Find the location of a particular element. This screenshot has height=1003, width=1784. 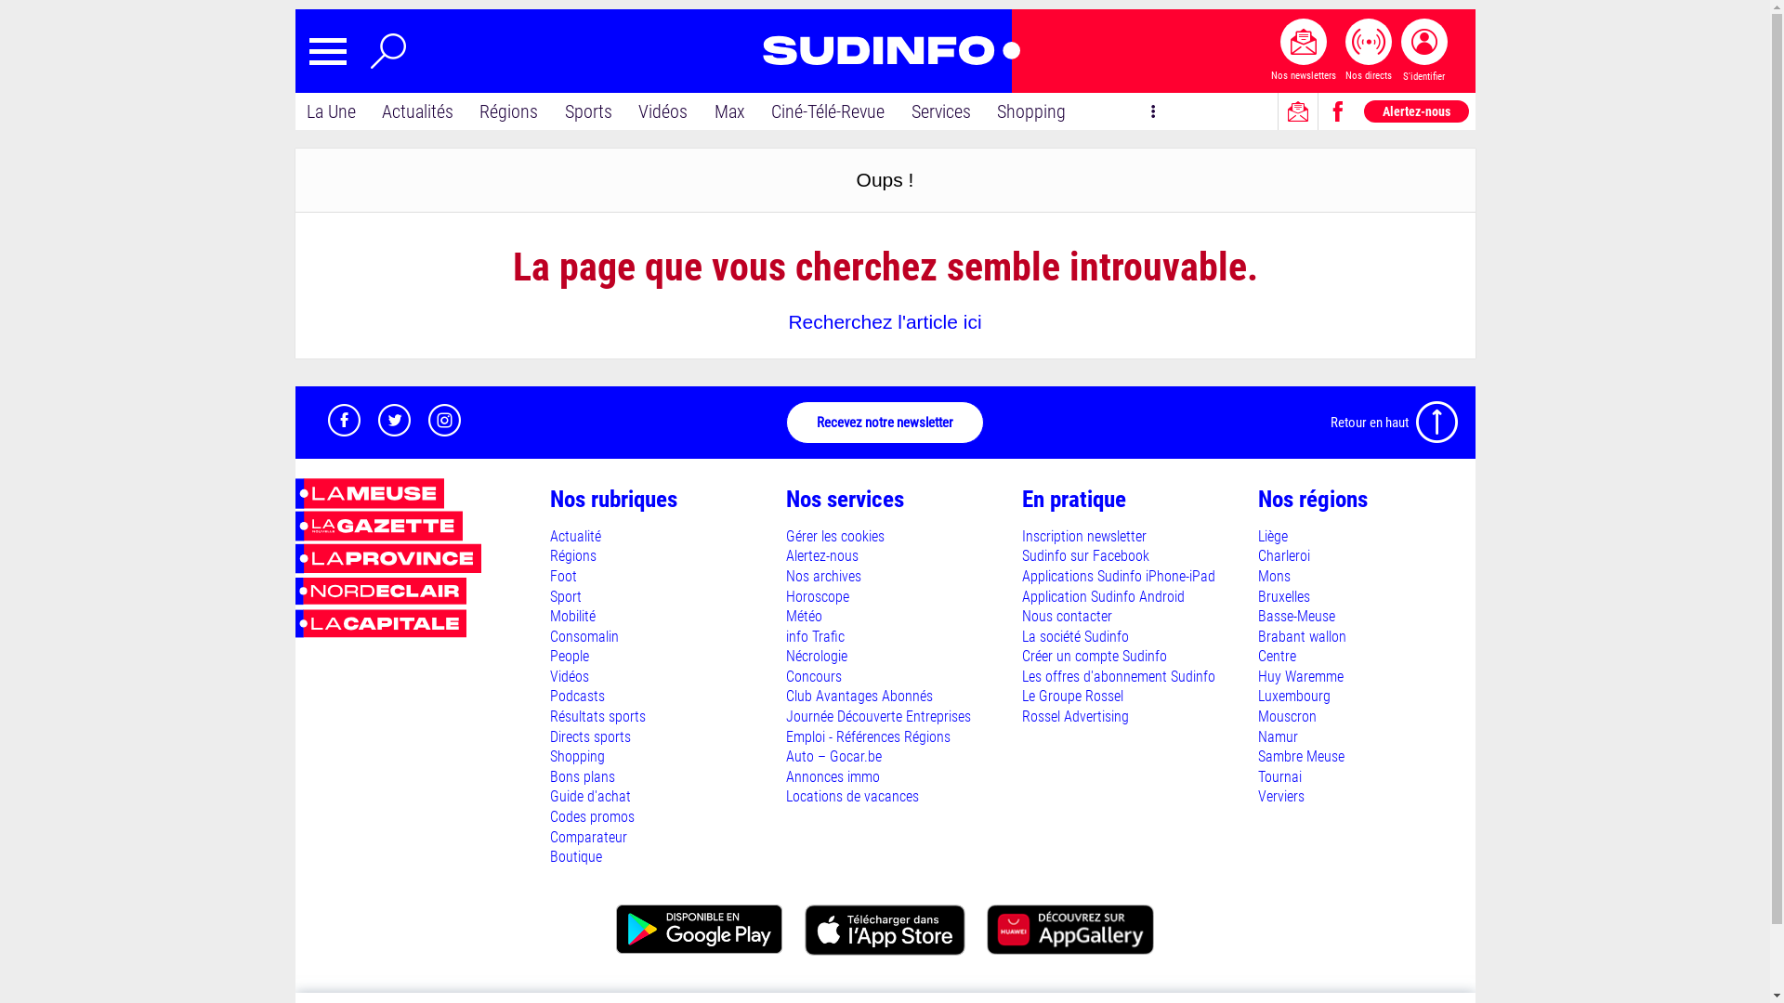

'Applications Sudinfo iPhone-iPad' is located at coordinates (1118, 575).